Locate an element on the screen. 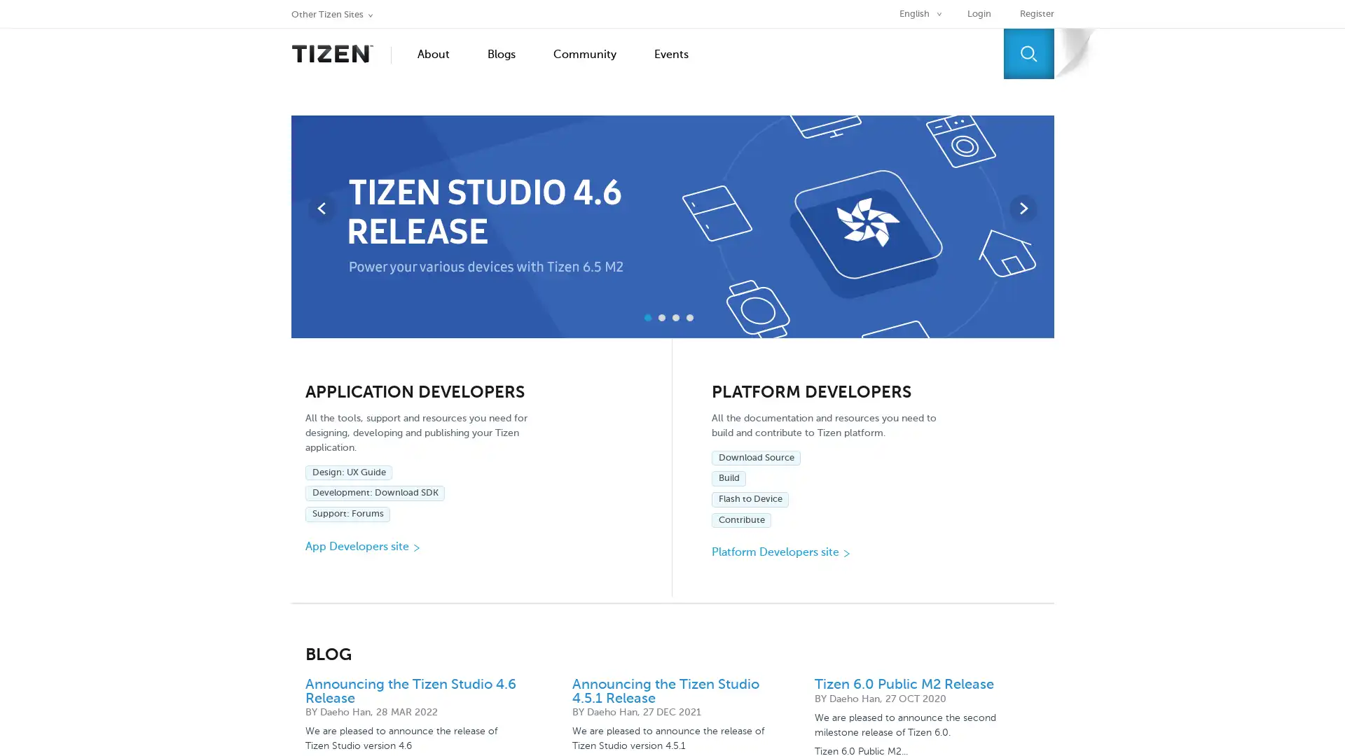 This screenshot has width=1345, height=756. 1 is located at coordinates (647, 318).